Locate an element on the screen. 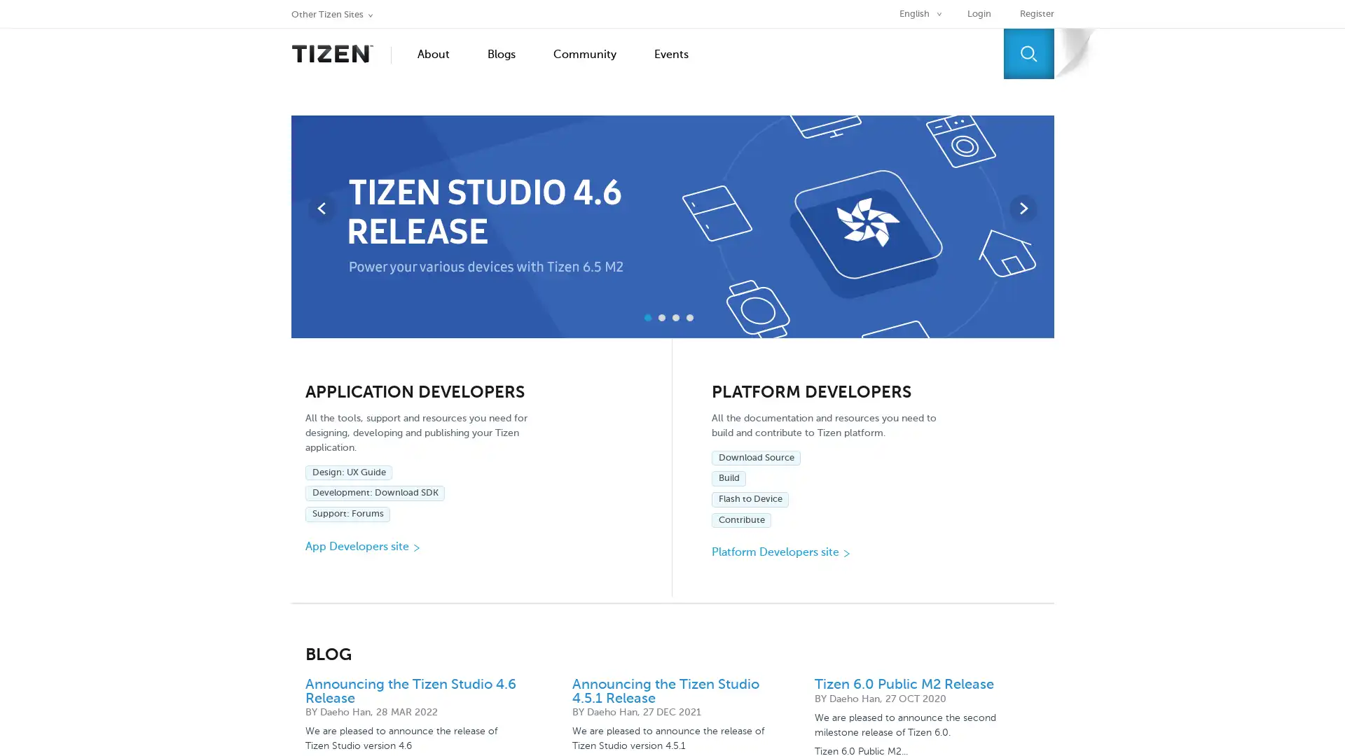 This screenshot has width=1345, height=756. 1 is located at coordinates (647, 318).